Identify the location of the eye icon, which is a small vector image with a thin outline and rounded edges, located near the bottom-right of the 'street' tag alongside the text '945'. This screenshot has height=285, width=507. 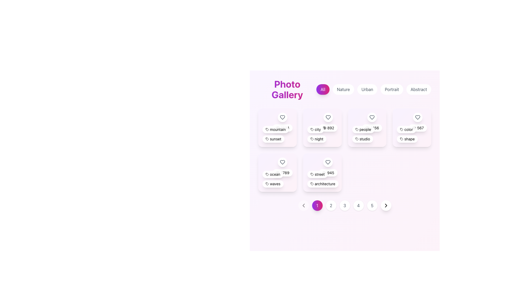
(324, 173).